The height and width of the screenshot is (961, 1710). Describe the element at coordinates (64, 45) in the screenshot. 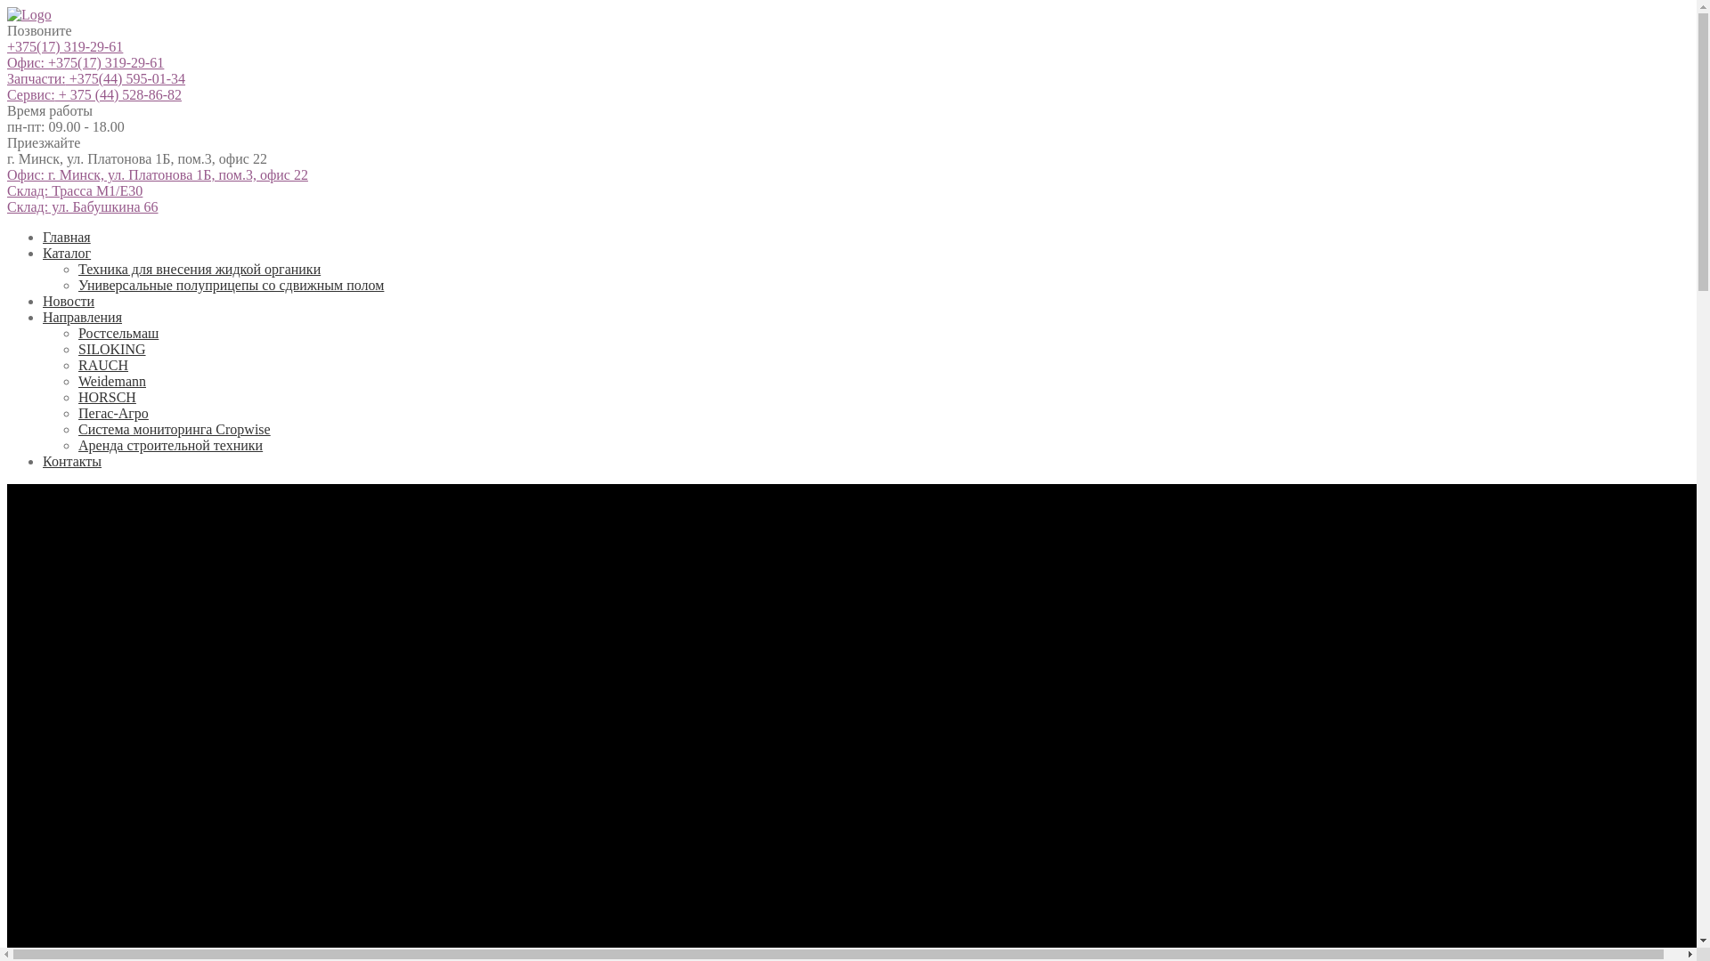

I see `'+375(17) 319-29-61'` at that location.